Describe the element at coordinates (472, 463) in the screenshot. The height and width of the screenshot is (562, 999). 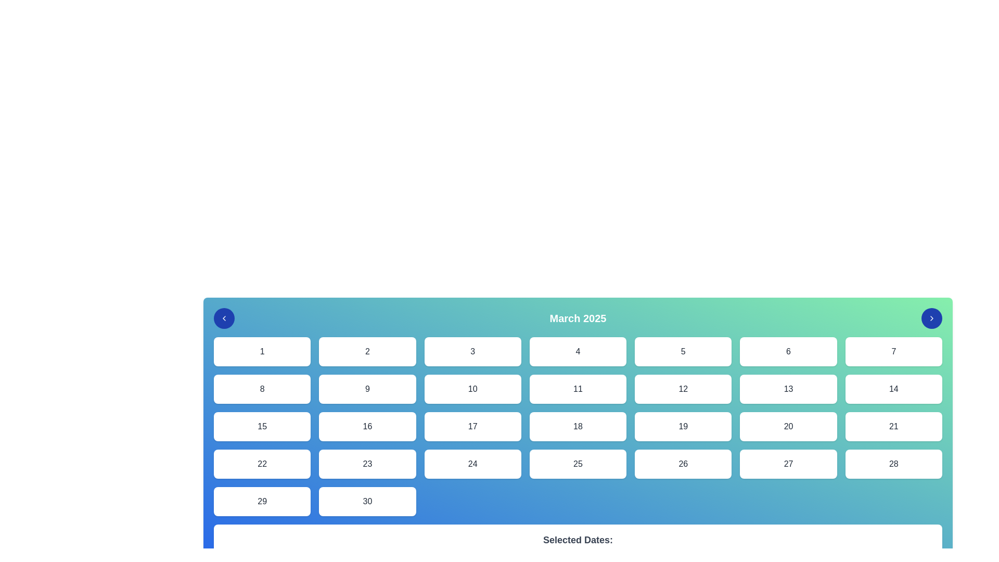
I see `the white button with rounded corners containing the text '24'` at that location.